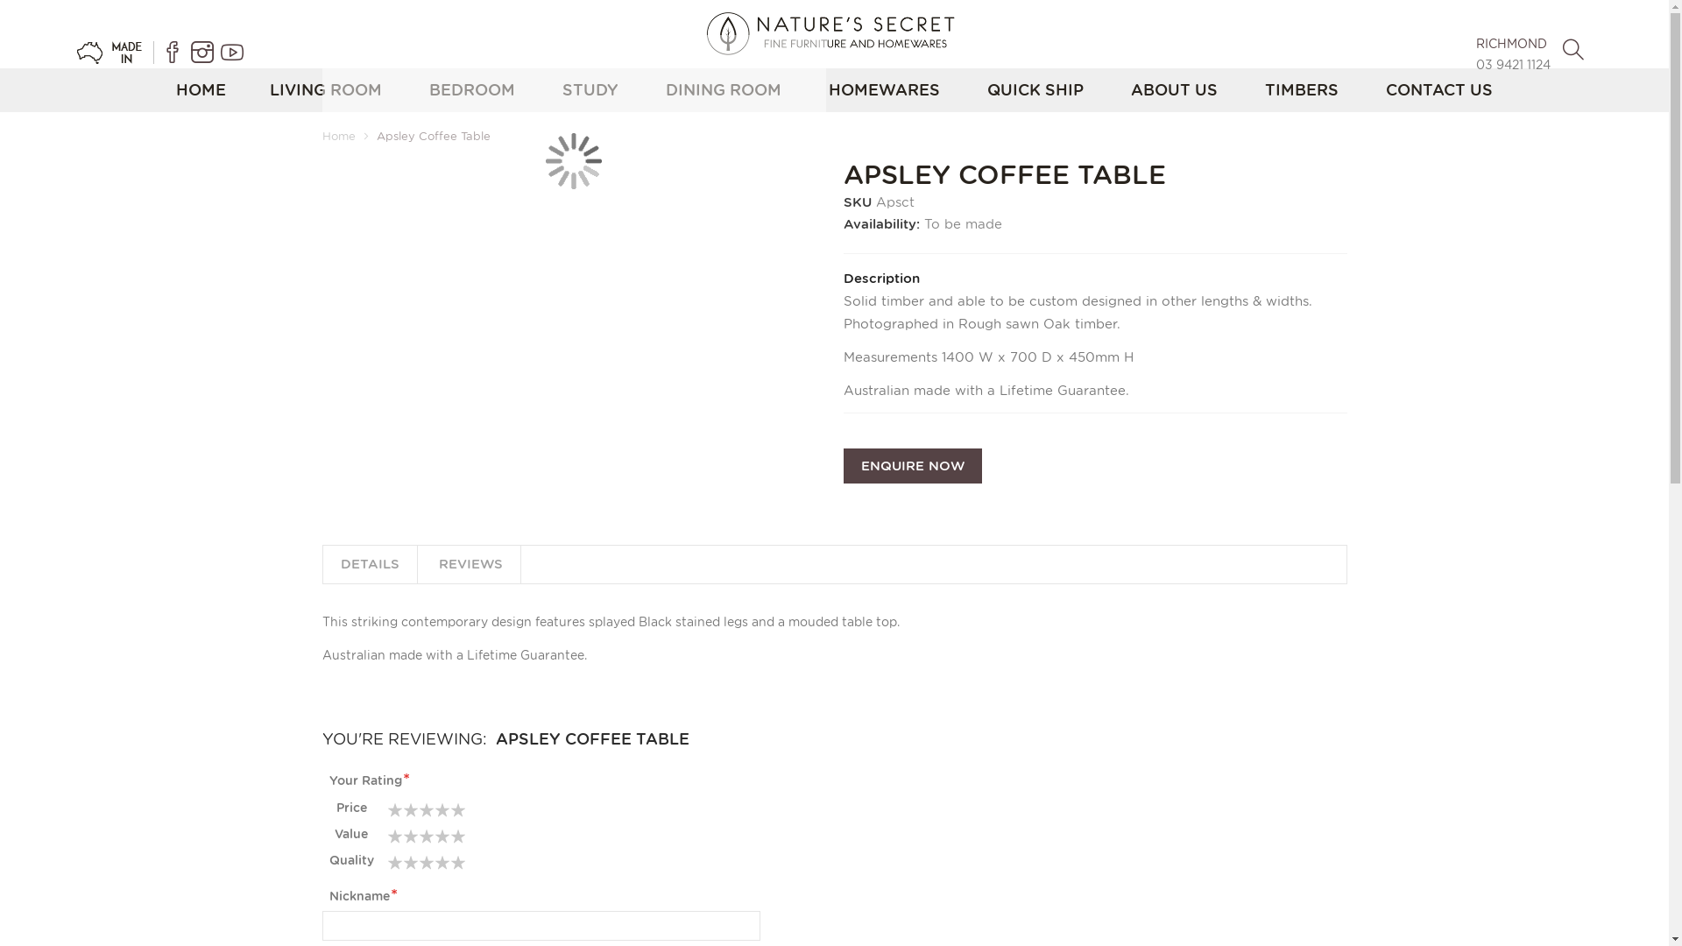  I want to click on 'REVIEWS', so click(470, 564).